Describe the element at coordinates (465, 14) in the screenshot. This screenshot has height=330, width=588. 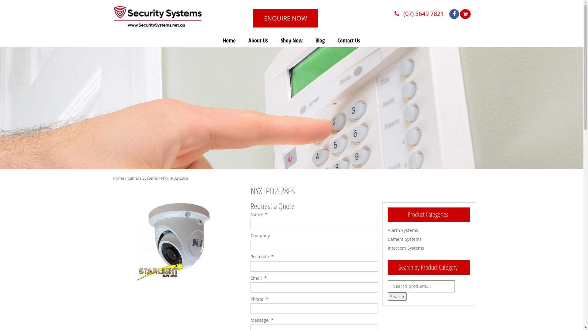
I see `'View your shopping cart'` at that location.